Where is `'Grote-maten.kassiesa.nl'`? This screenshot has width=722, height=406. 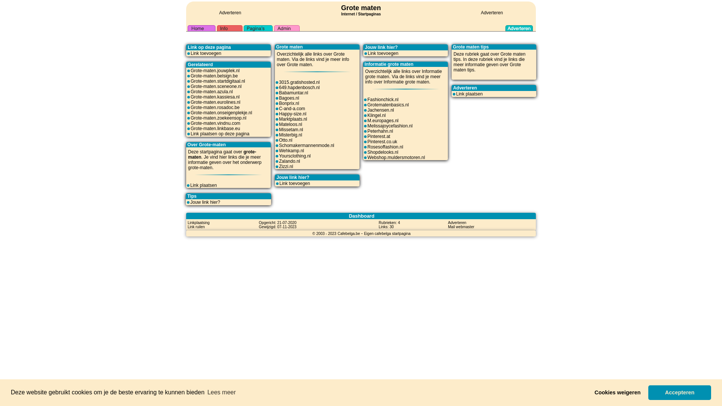 'Grote-maten.kassiesa.nl' is located at coordinates (214, 97).